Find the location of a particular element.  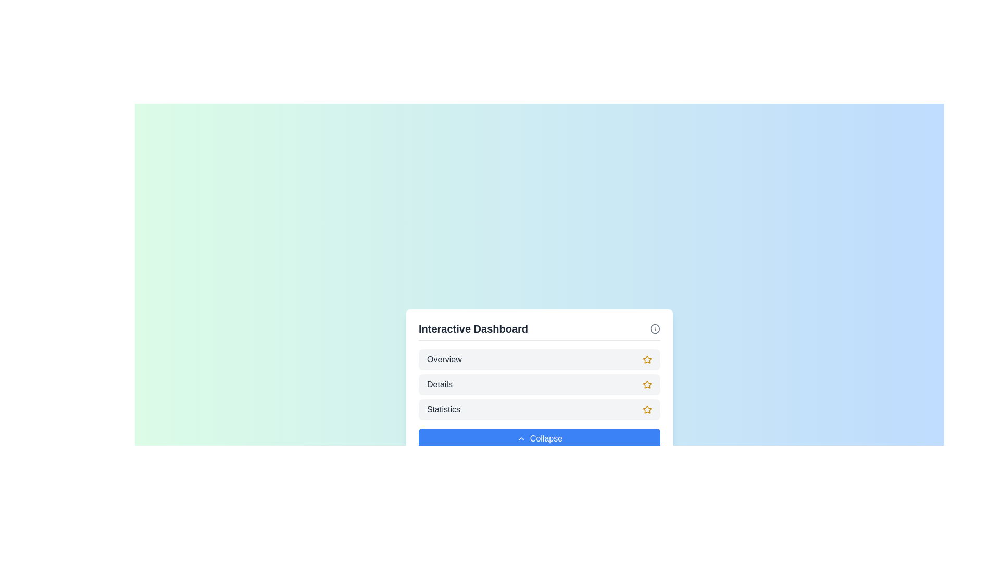

the collapsible section icon located to the left of the 'Collapse' button at the bottom of the interactive card is located at coordinates (521, 438).